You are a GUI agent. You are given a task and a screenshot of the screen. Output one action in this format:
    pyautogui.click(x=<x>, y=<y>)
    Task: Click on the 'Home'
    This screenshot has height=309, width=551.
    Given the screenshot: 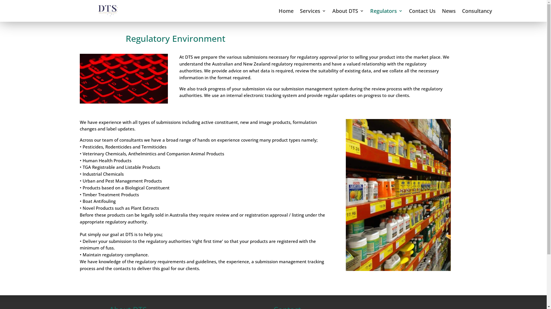 What is the action you would take?
    pyautogui.click(x=278, y=11)
    